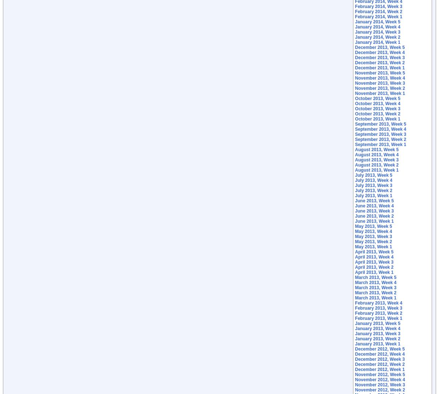  I want to click on 'January 2014, Week 1', so click(378, 42).